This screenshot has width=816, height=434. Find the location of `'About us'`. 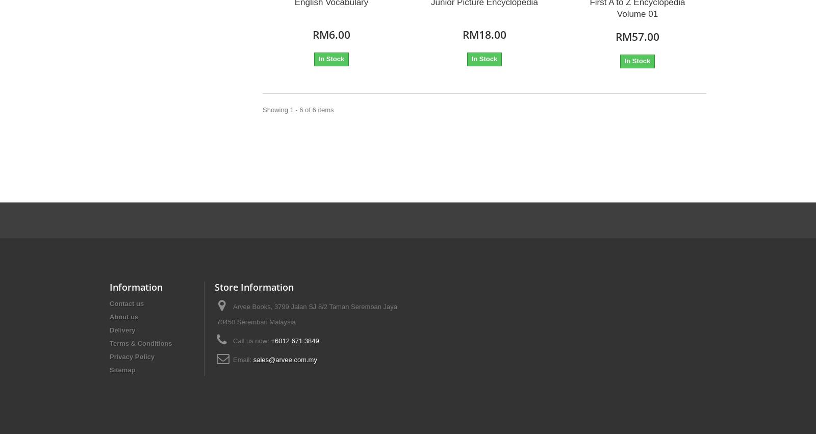

'About us' is located at coordinates (110, 316).